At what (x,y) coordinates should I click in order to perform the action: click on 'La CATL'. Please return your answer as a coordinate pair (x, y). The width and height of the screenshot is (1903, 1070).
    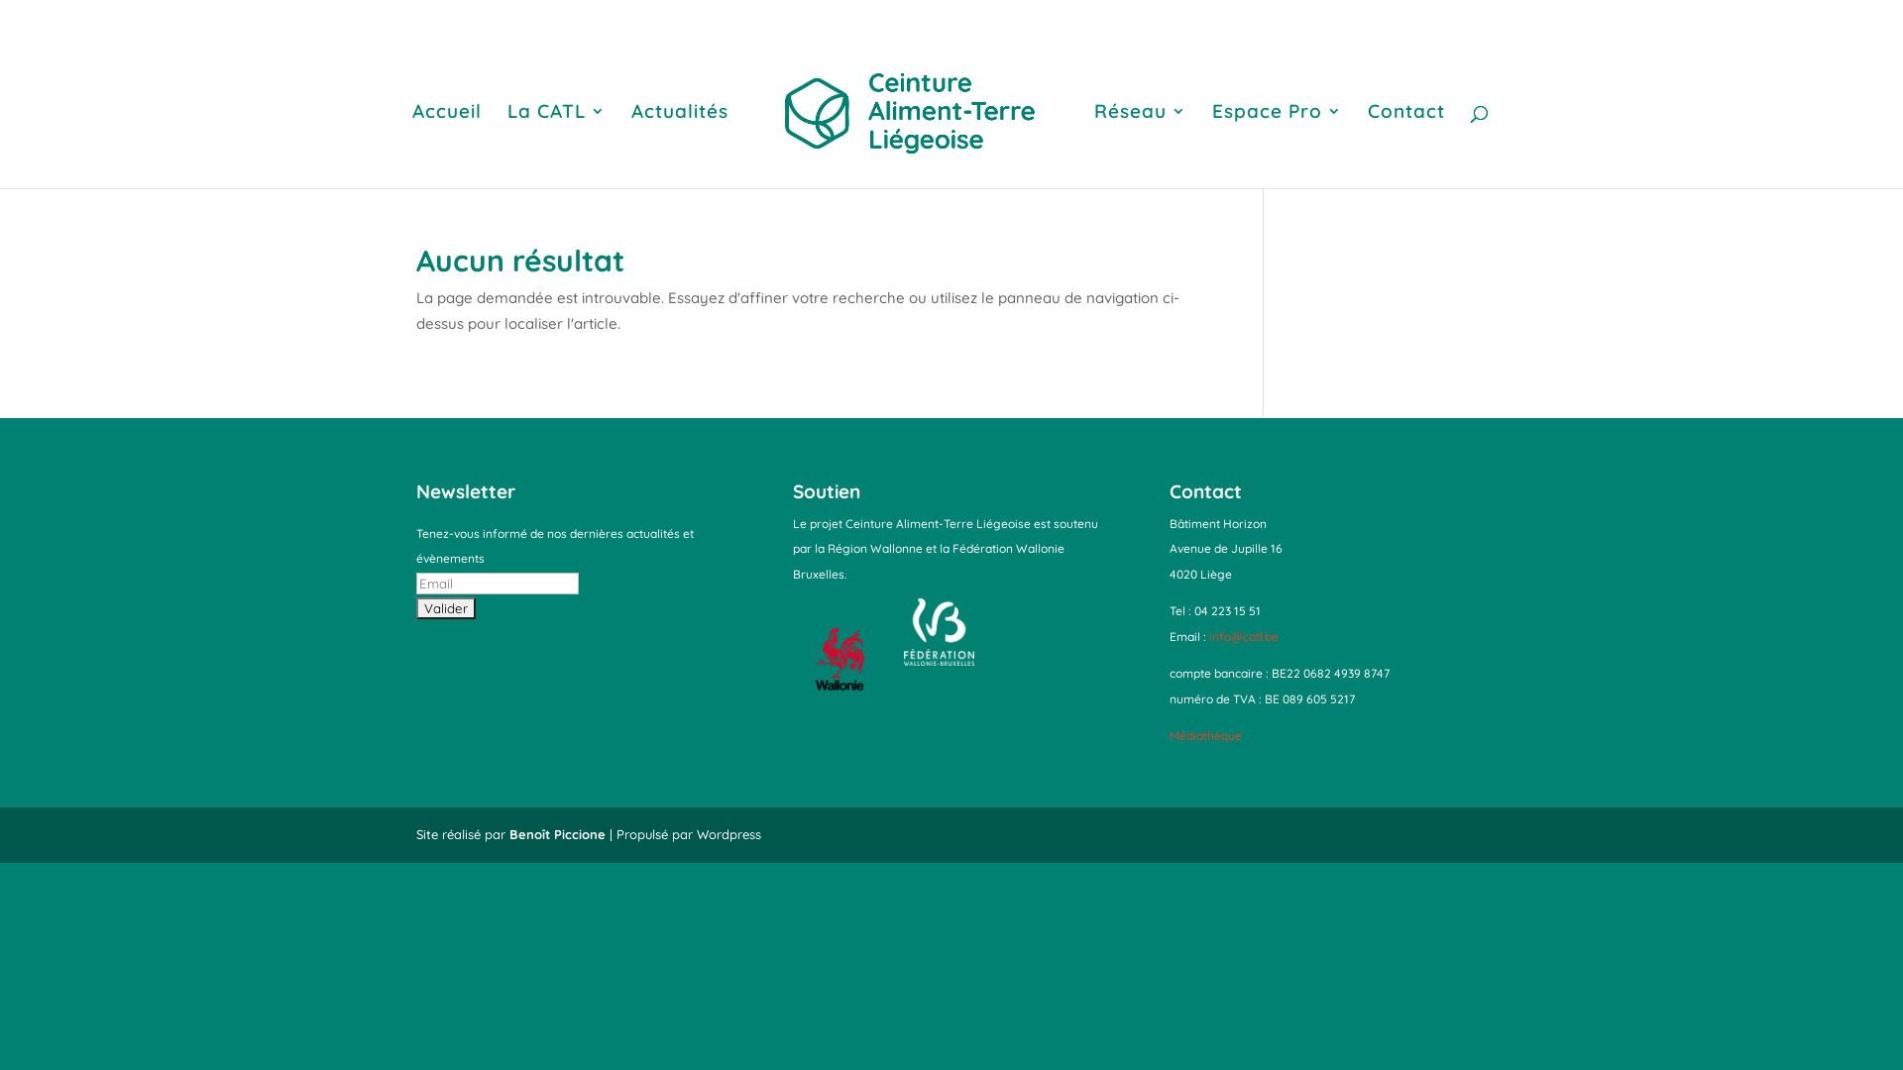
    Looking at the image, I should click on (507, 145).